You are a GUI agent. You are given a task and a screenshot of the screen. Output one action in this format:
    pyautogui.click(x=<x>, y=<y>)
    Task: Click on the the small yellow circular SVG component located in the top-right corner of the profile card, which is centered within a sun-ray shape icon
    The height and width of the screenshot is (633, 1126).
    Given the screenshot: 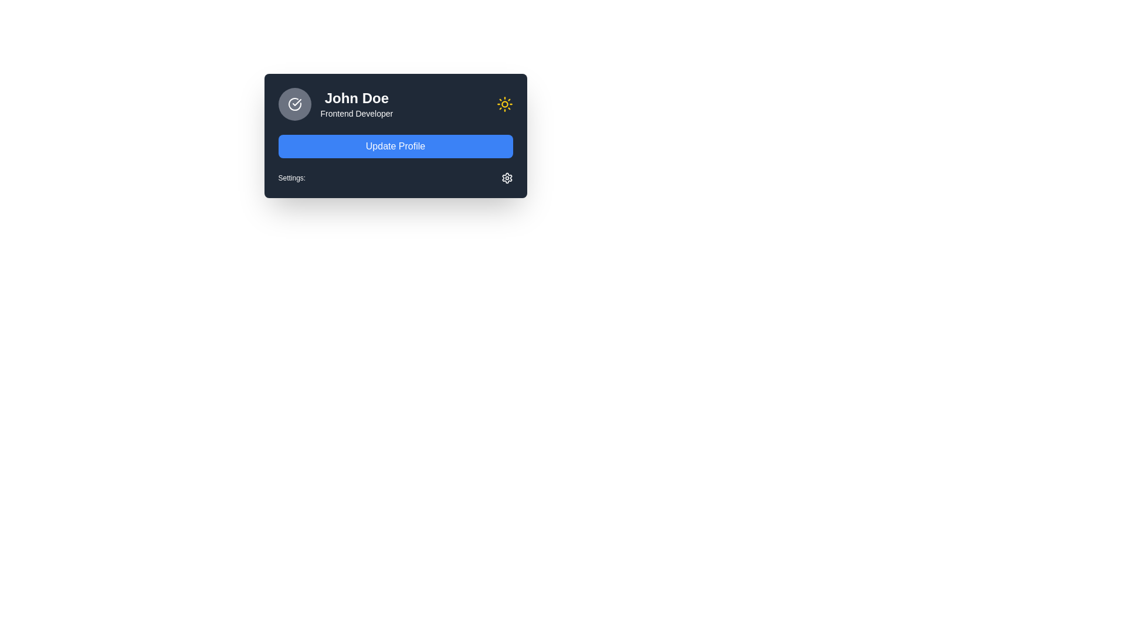 What is the action you would take?
    pyautogui.click(x=504, y=103)
    